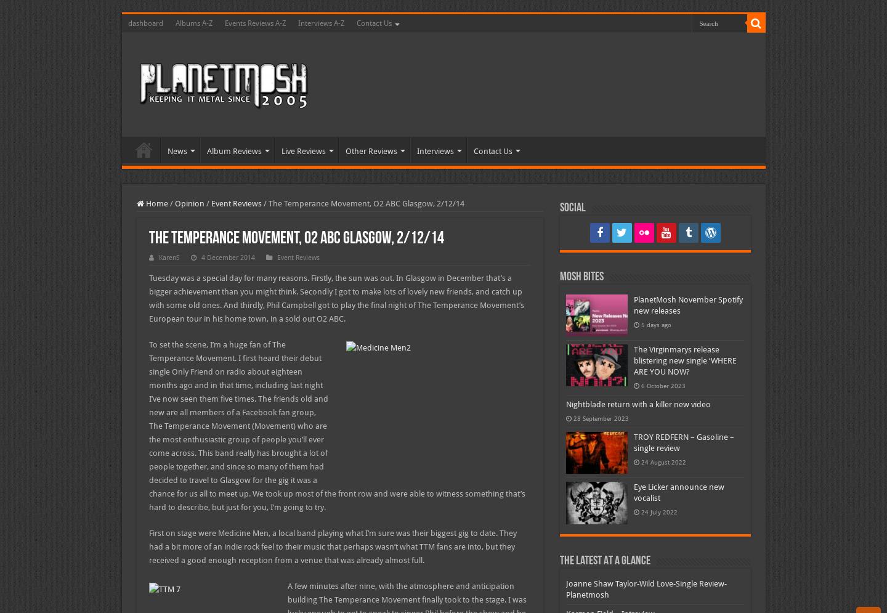 This screenshot has width=887, height=613. What do you see at coordinates (155, 203) in the screenshot?
I see `'Home'` at bounding box center [155, 203].